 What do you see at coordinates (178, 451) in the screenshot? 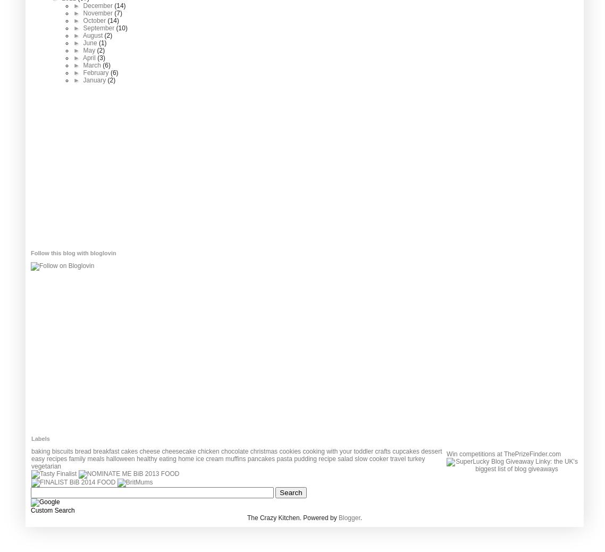
I see `'cheesecake'` at bounding box center [178, 451].